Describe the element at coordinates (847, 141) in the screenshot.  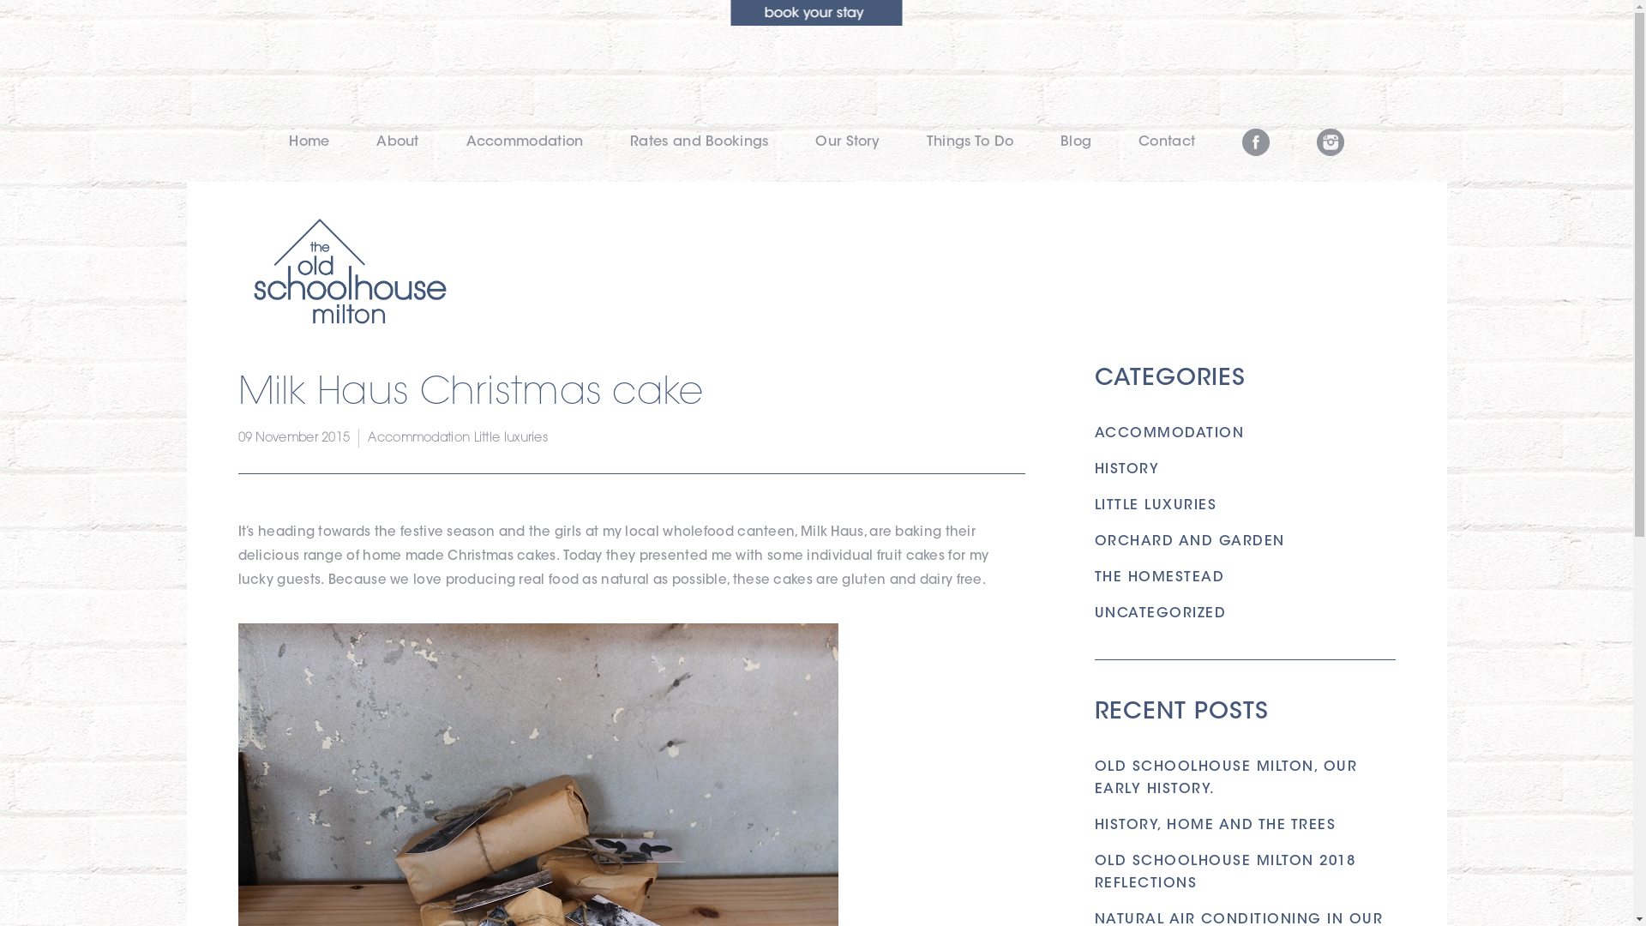
I see `'Our Story'` at that location.